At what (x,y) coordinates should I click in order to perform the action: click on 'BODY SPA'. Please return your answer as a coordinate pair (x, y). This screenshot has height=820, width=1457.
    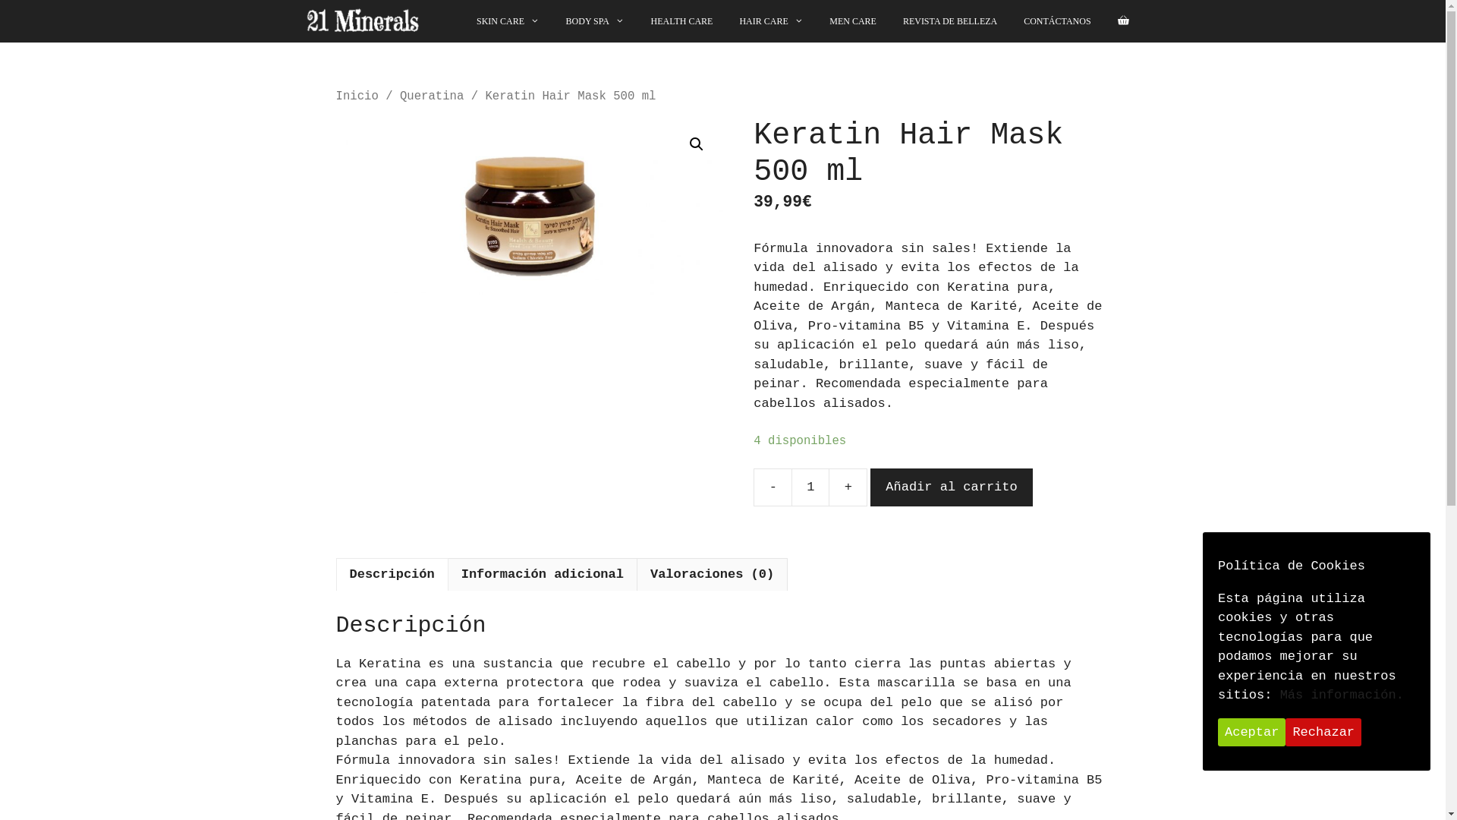
    Looking at the image, I should click on (594, 20).